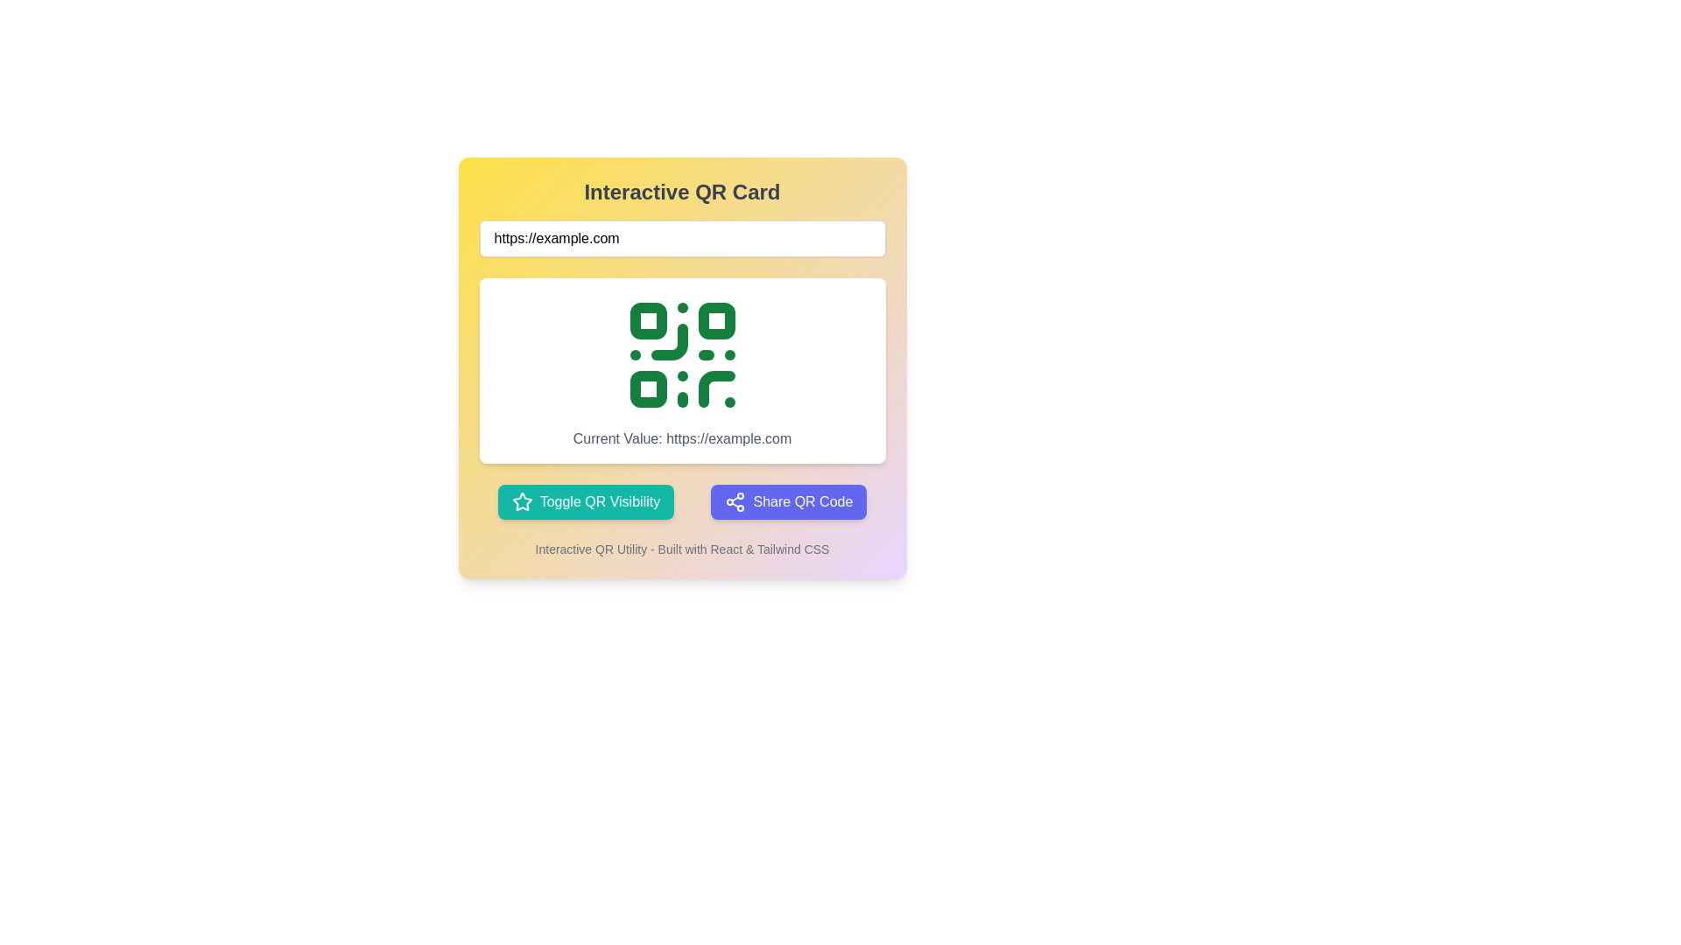  Describe the element at coordinates (647, 388) in the screenshot. I see `the small green square with rounded corners located at the bottom left corner of the QR code, contrasting with the white background` at that location.